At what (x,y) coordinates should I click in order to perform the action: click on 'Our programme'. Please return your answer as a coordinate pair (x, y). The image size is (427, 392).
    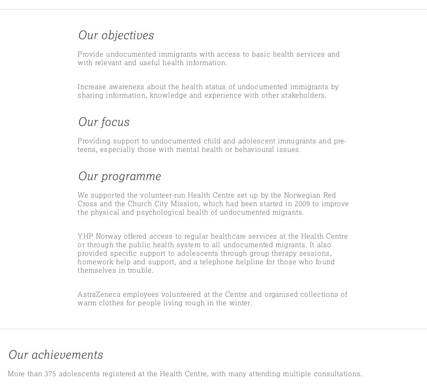
    Looking at the image, I should click on (119, 175).